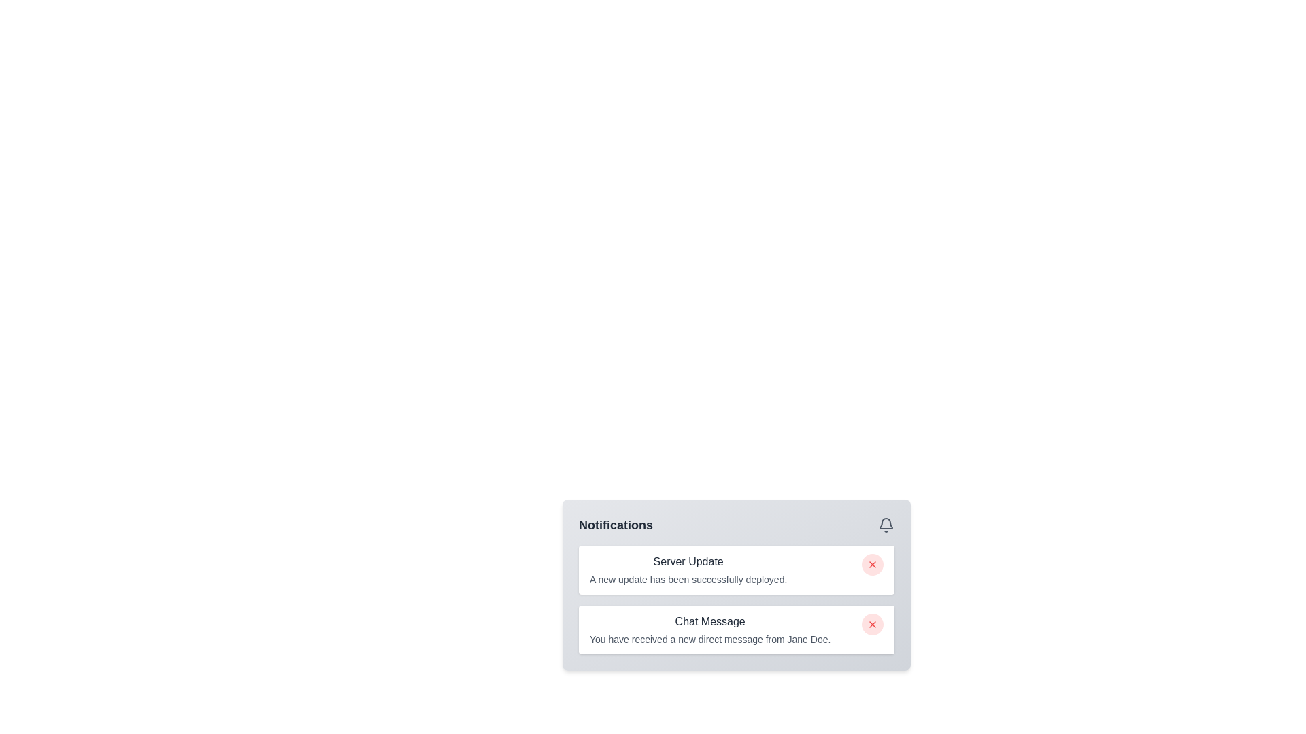 This screenshot has width=1306, height=734. I want to click on the text block that displays 'Chat Message' and the notification 'You have received a new direct message from Jane Doe.' which is styled in a notification message format within a white card, so click(709, 629).